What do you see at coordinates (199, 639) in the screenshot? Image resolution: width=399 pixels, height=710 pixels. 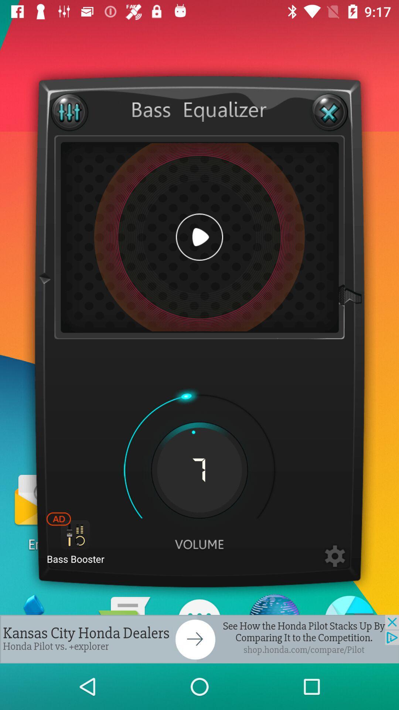 I see `advertisement page` at bounding box center [199, 639].